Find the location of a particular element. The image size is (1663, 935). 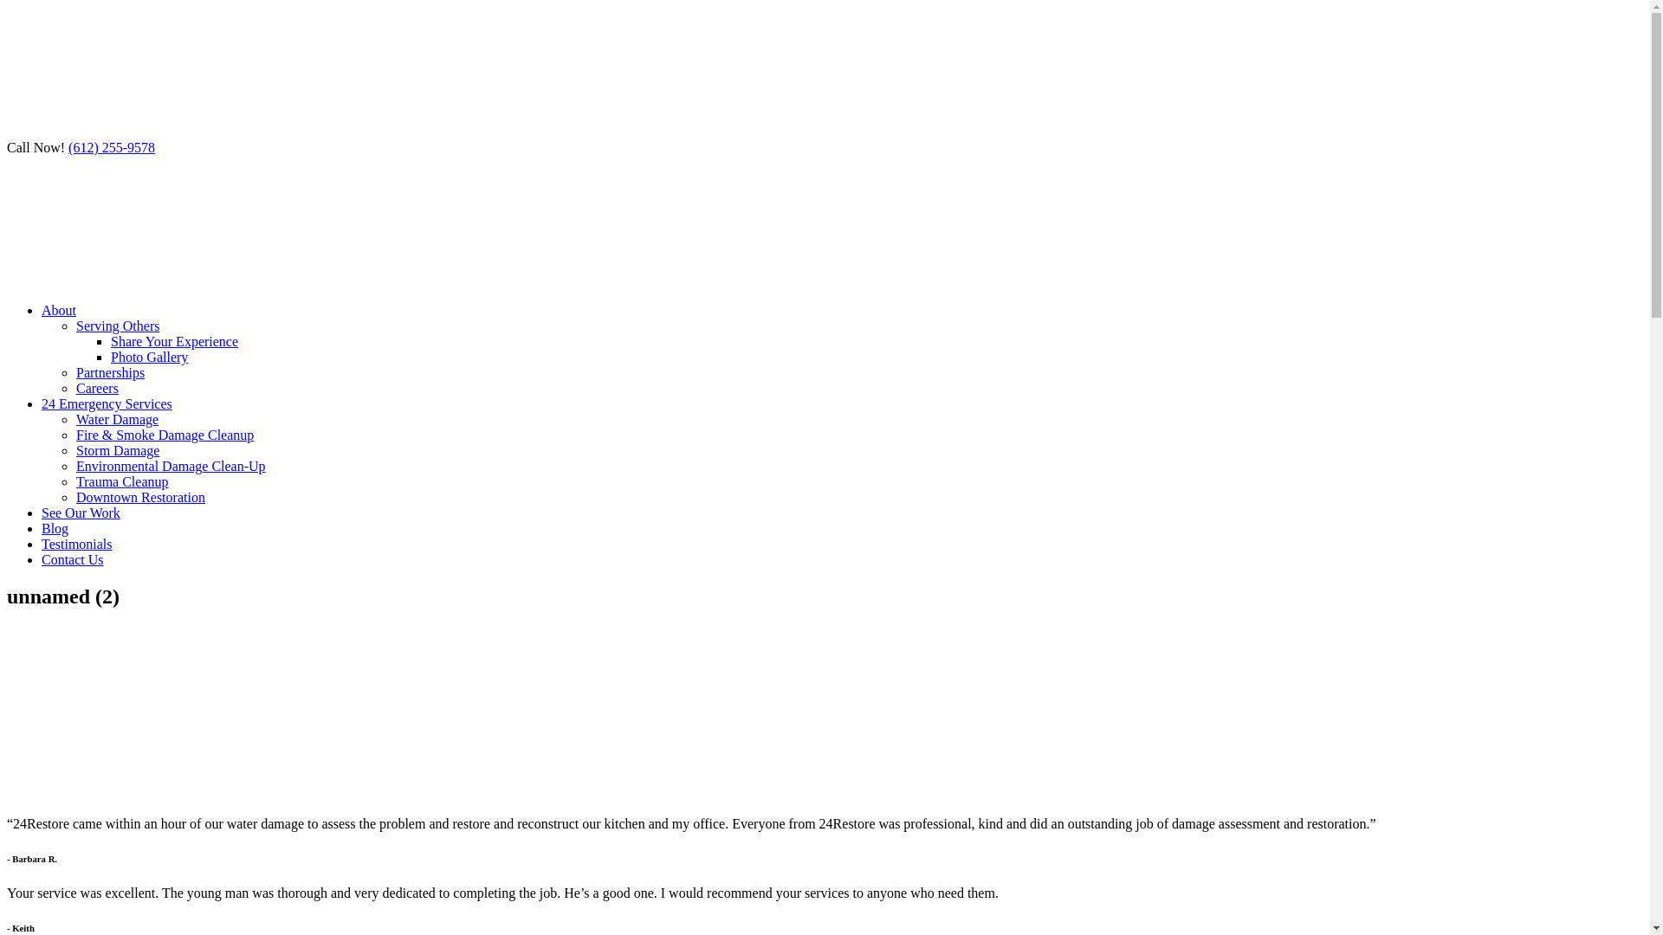

'Fire & Smoke Damage Cleanup' is located at coordinates (165, 434).